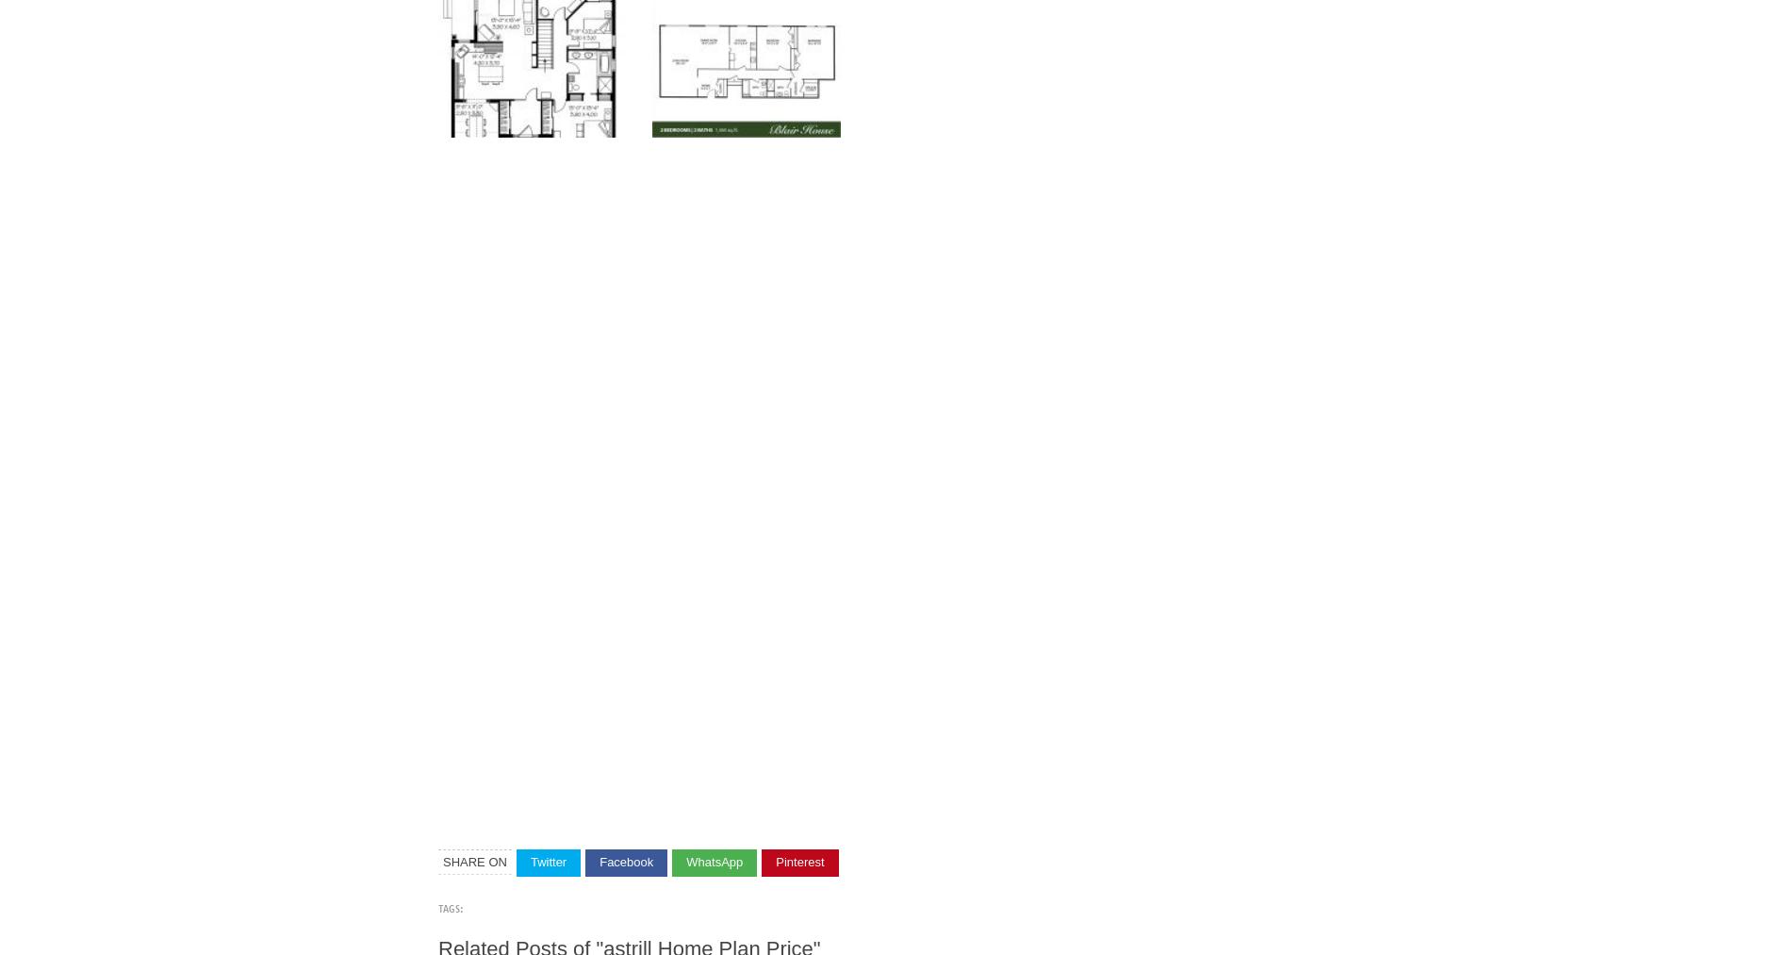  Describe the element at coordinates (624, 136) in the screenshot. I see `'Astrill Home Plan Price Floor Plans and Cost to Build Homes Floor Plans'` at that location.